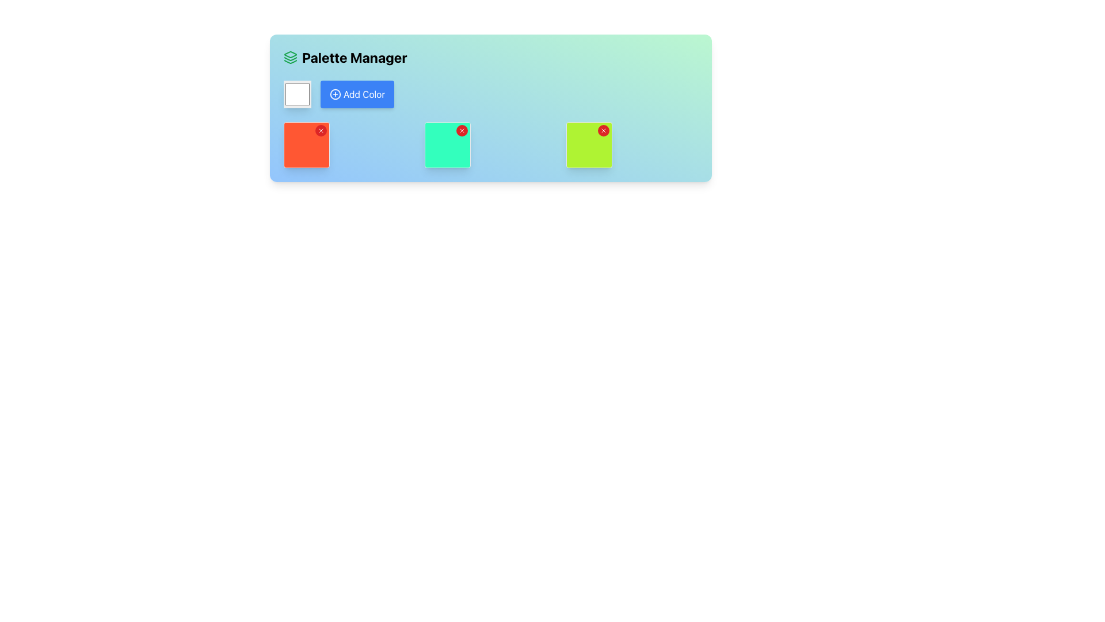  Describe the element at coordinates (462, 130) in the screenshot. I see `the small red circular button with a white 'X' icon located at the top-right corner of the green square card` at that location.